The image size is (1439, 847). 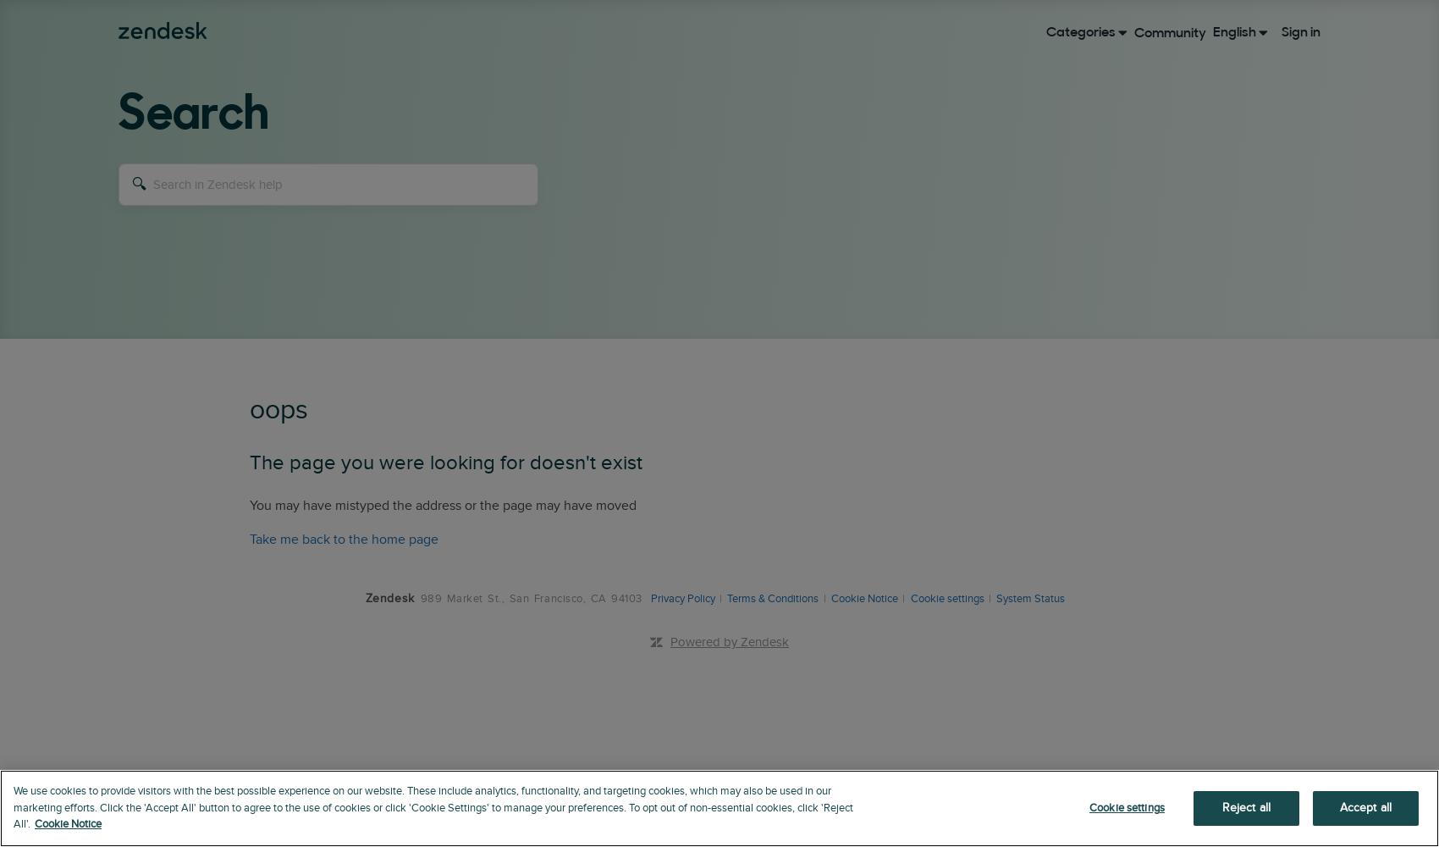 What do you see at coordinates (1029, 598) in the screenshot?
I see `'System Status'` at bounding box center [1029, 598].